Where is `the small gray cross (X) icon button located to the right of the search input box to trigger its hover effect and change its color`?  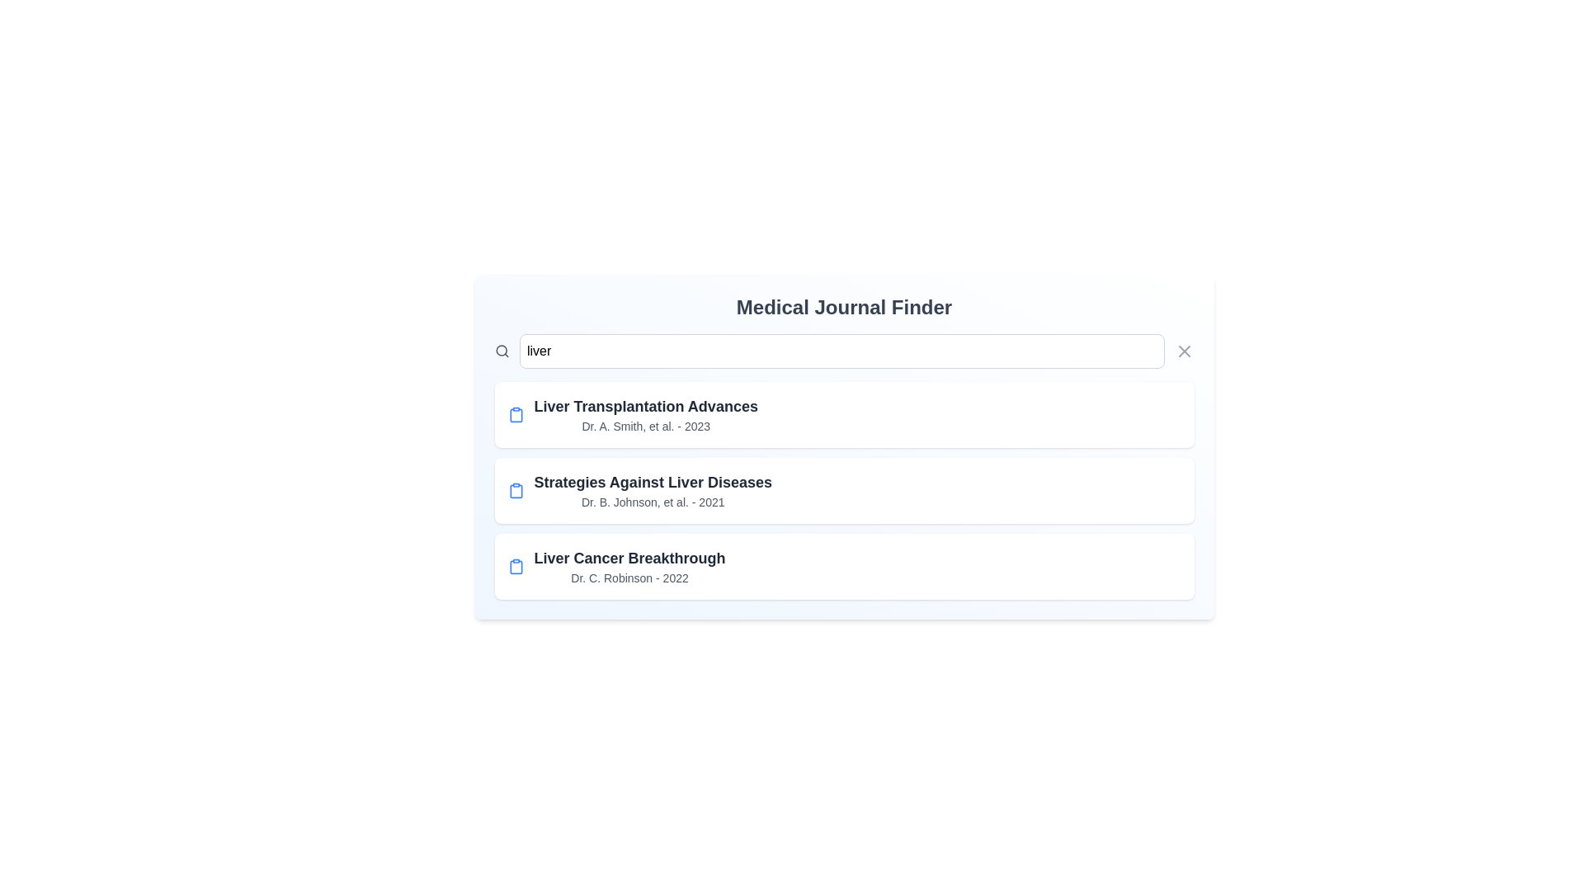 the small gray cross (X) icon button located to the right of the search input box to trigger its hover effect and change its color is located at coordinates (1183, 350).